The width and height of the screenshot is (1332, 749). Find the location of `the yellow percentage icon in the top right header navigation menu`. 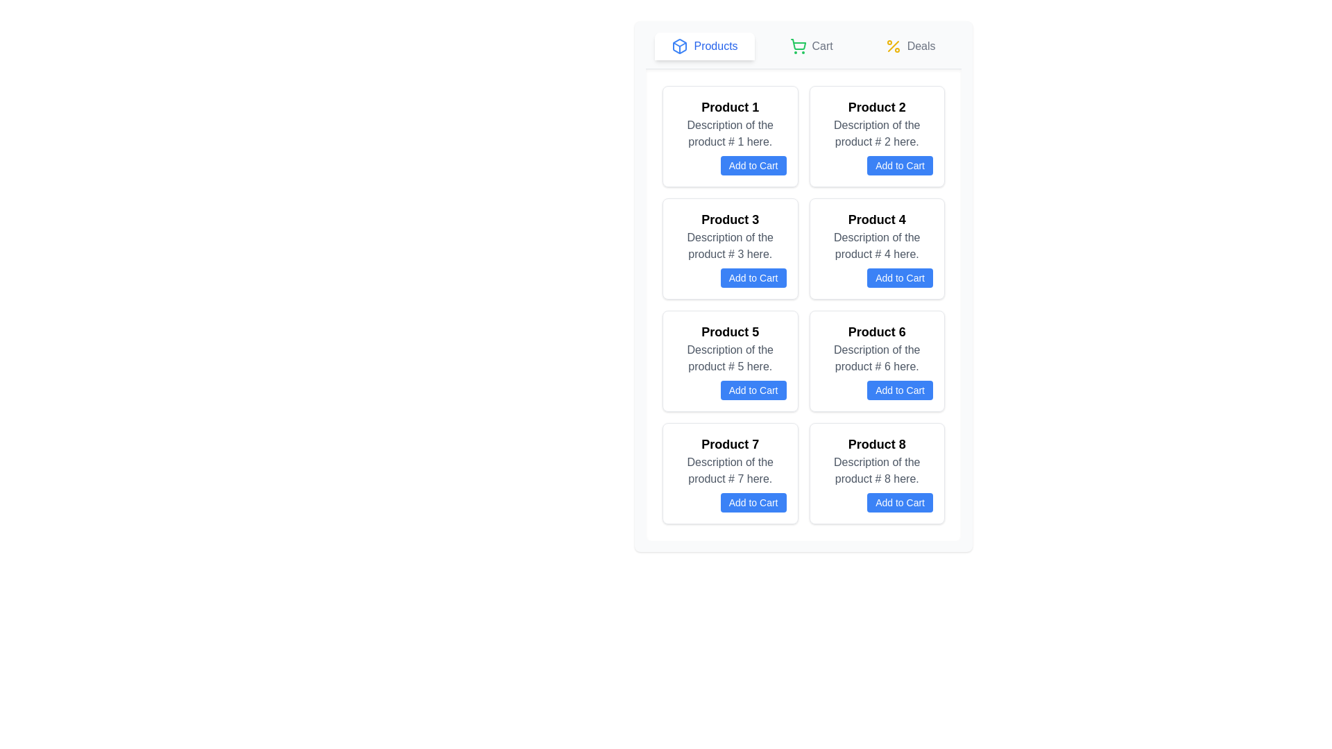

the yellow percentage icon in the top right header navigation menu is located at coordinates (893, 45).